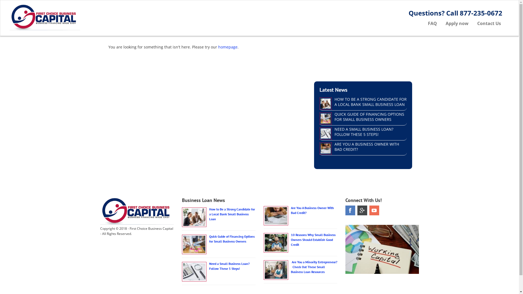 The width and height of the screenshot is (523, 294). Describe the element at coordinates (369, 210) in the screenshot. I see `'Youtube'` at that location.